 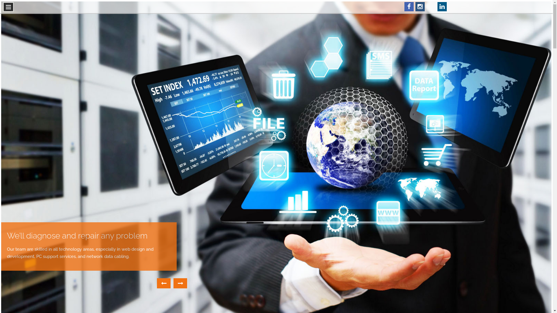 I want to click on 'Instagram', so click(x=420, y=7).